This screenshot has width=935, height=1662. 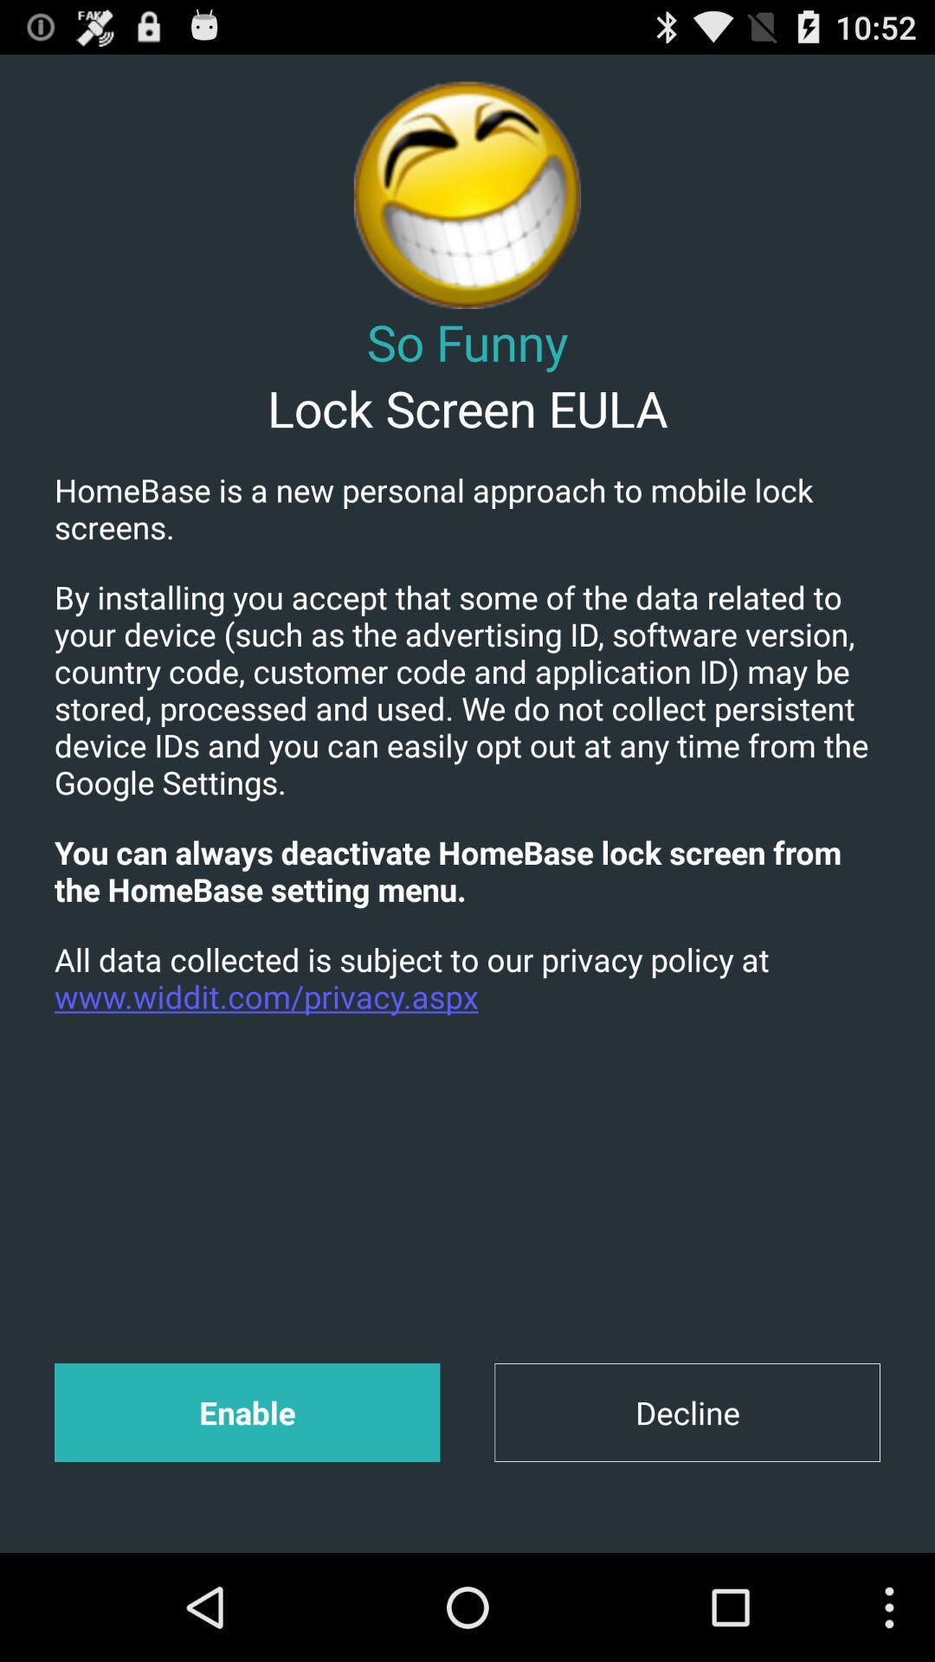 What do you see at coordinates (687, 1413) in the screenshot?
I see `decline` at bounding box center [687, 1413].